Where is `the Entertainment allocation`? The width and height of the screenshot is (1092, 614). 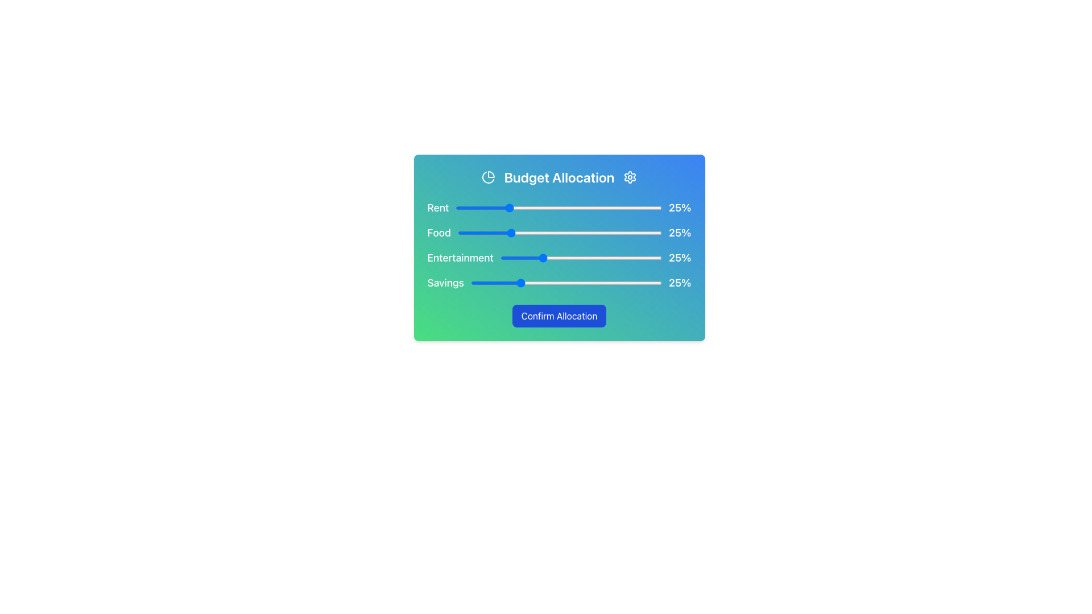
the Entertainment allocation is located at coordinates (563, 258).